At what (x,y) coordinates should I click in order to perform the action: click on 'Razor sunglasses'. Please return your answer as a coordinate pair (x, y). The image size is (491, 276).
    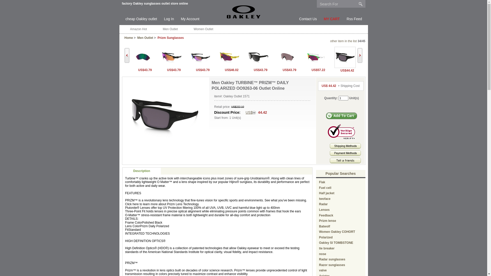
    Looking at the image, I should click on (332, 265).